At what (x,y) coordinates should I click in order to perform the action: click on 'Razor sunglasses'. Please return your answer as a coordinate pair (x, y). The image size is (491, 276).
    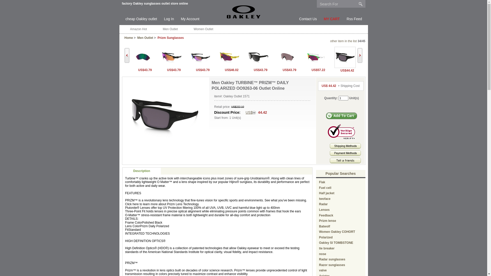
    Looking at the image, I should click on (332, 265).